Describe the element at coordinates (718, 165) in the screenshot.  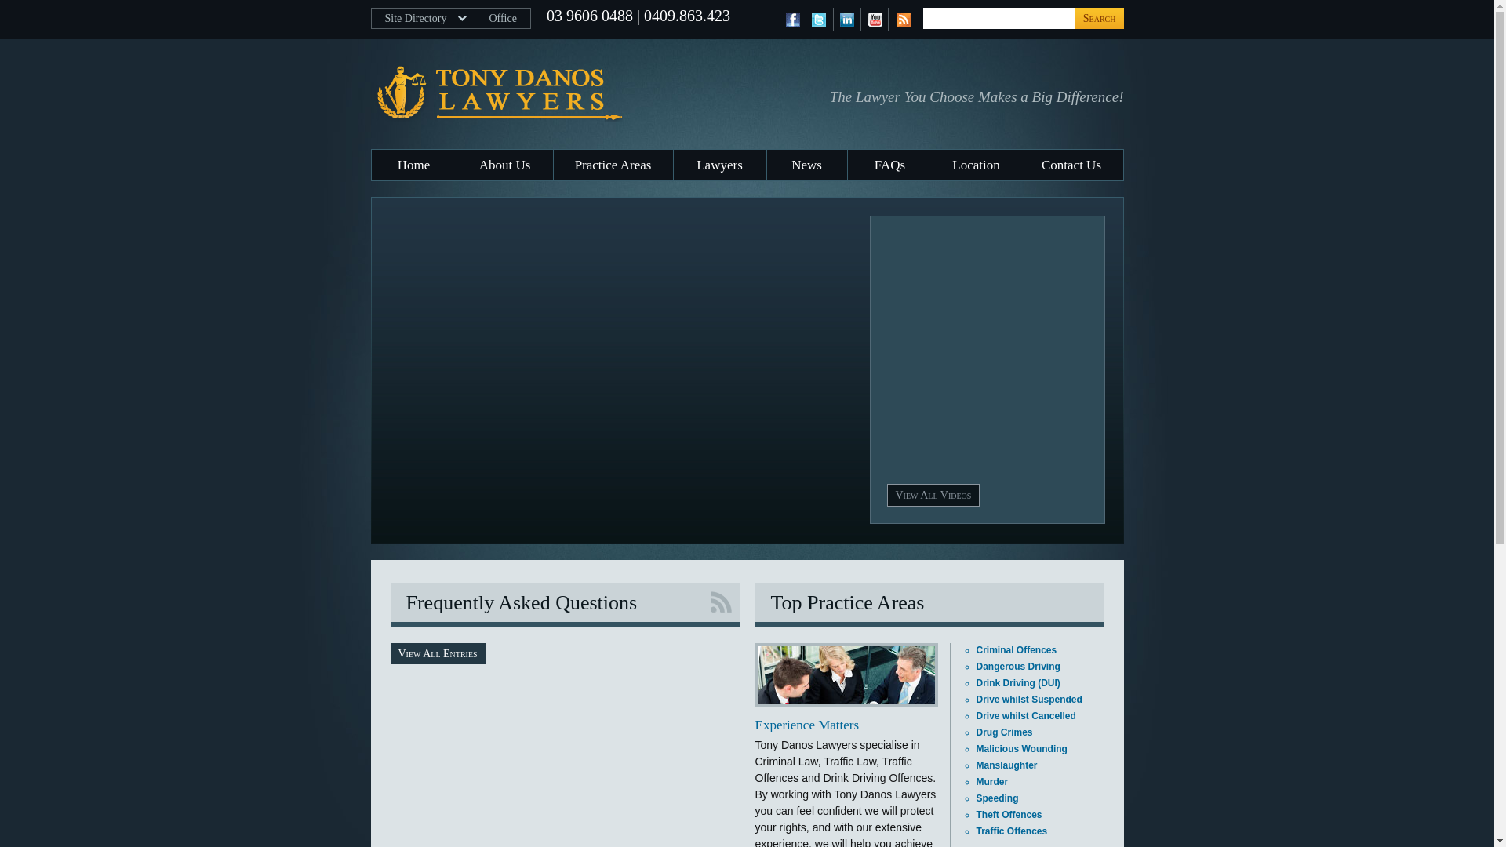
I see `'Lawyers'` at that location.